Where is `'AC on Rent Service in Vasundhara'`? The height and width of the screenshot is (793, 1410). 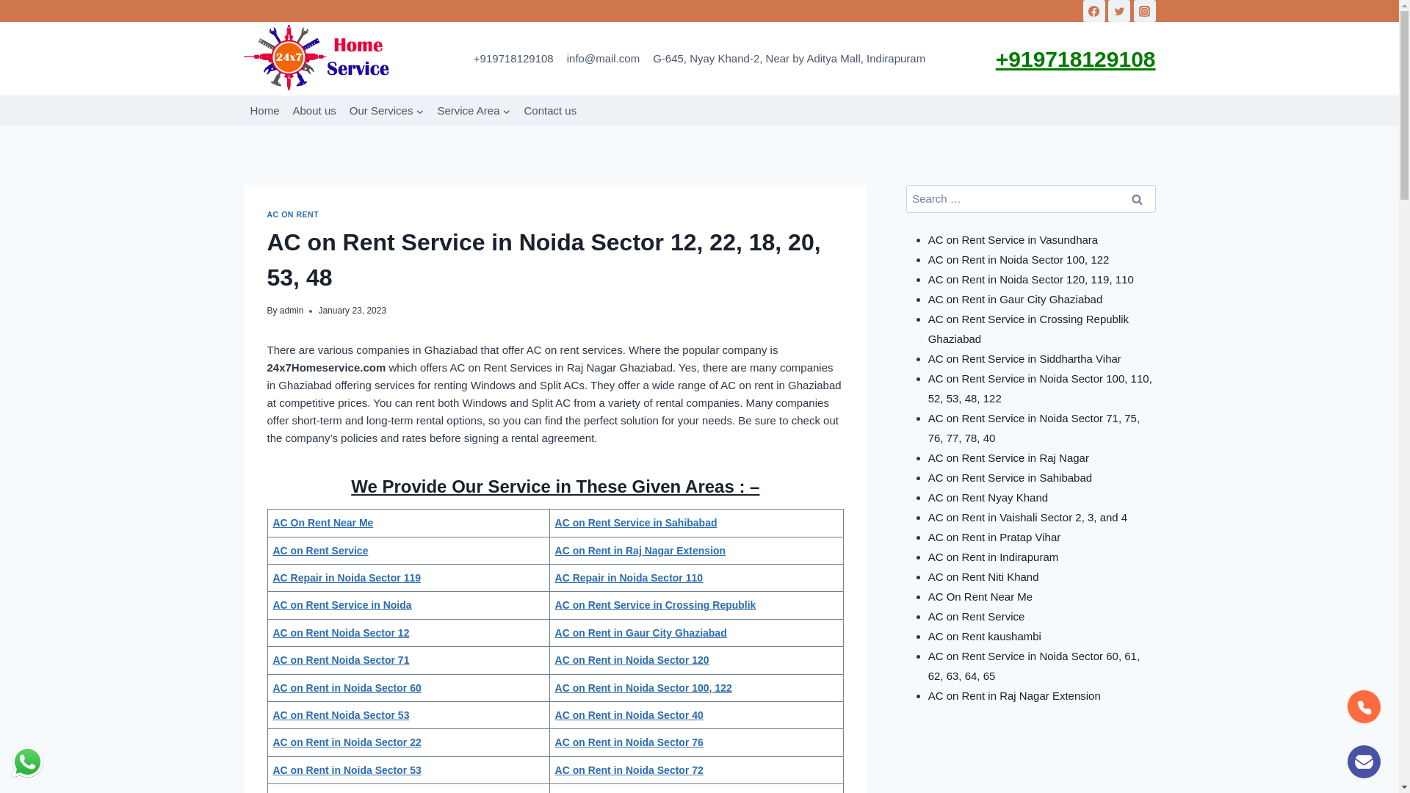 'AC on Rent Service in Vasundhara' is located at coordinates (927, 239).